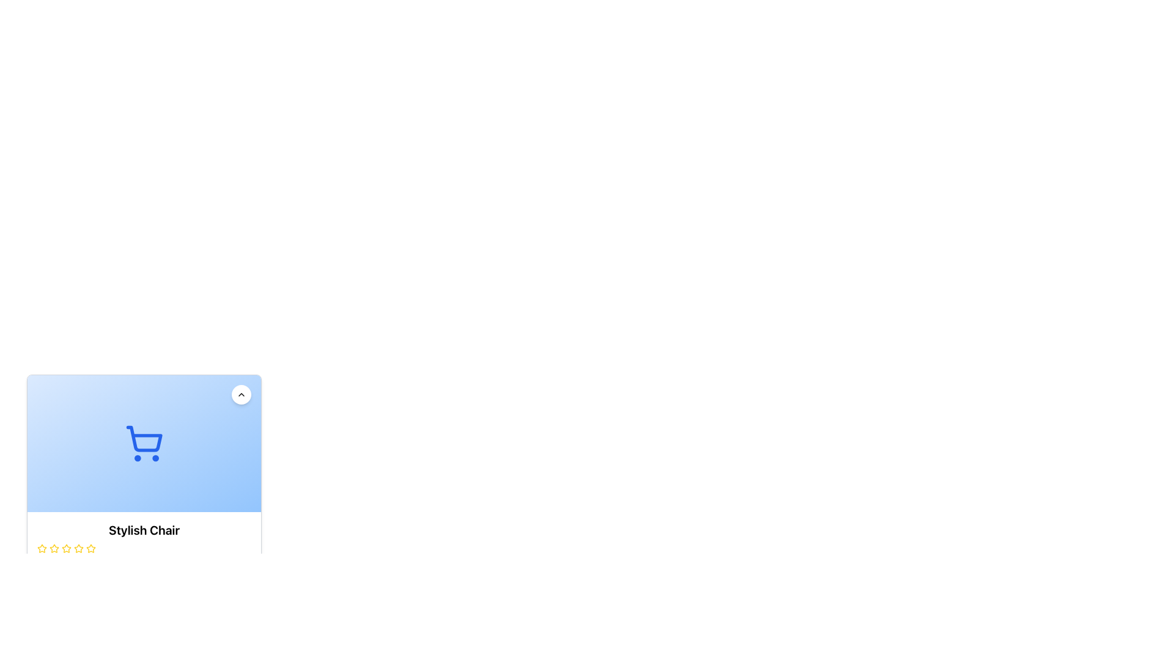  I want to click on the second yellow star icon in the rating system below the title 'Stylish Chair' to rate the product, so click(66, 548).